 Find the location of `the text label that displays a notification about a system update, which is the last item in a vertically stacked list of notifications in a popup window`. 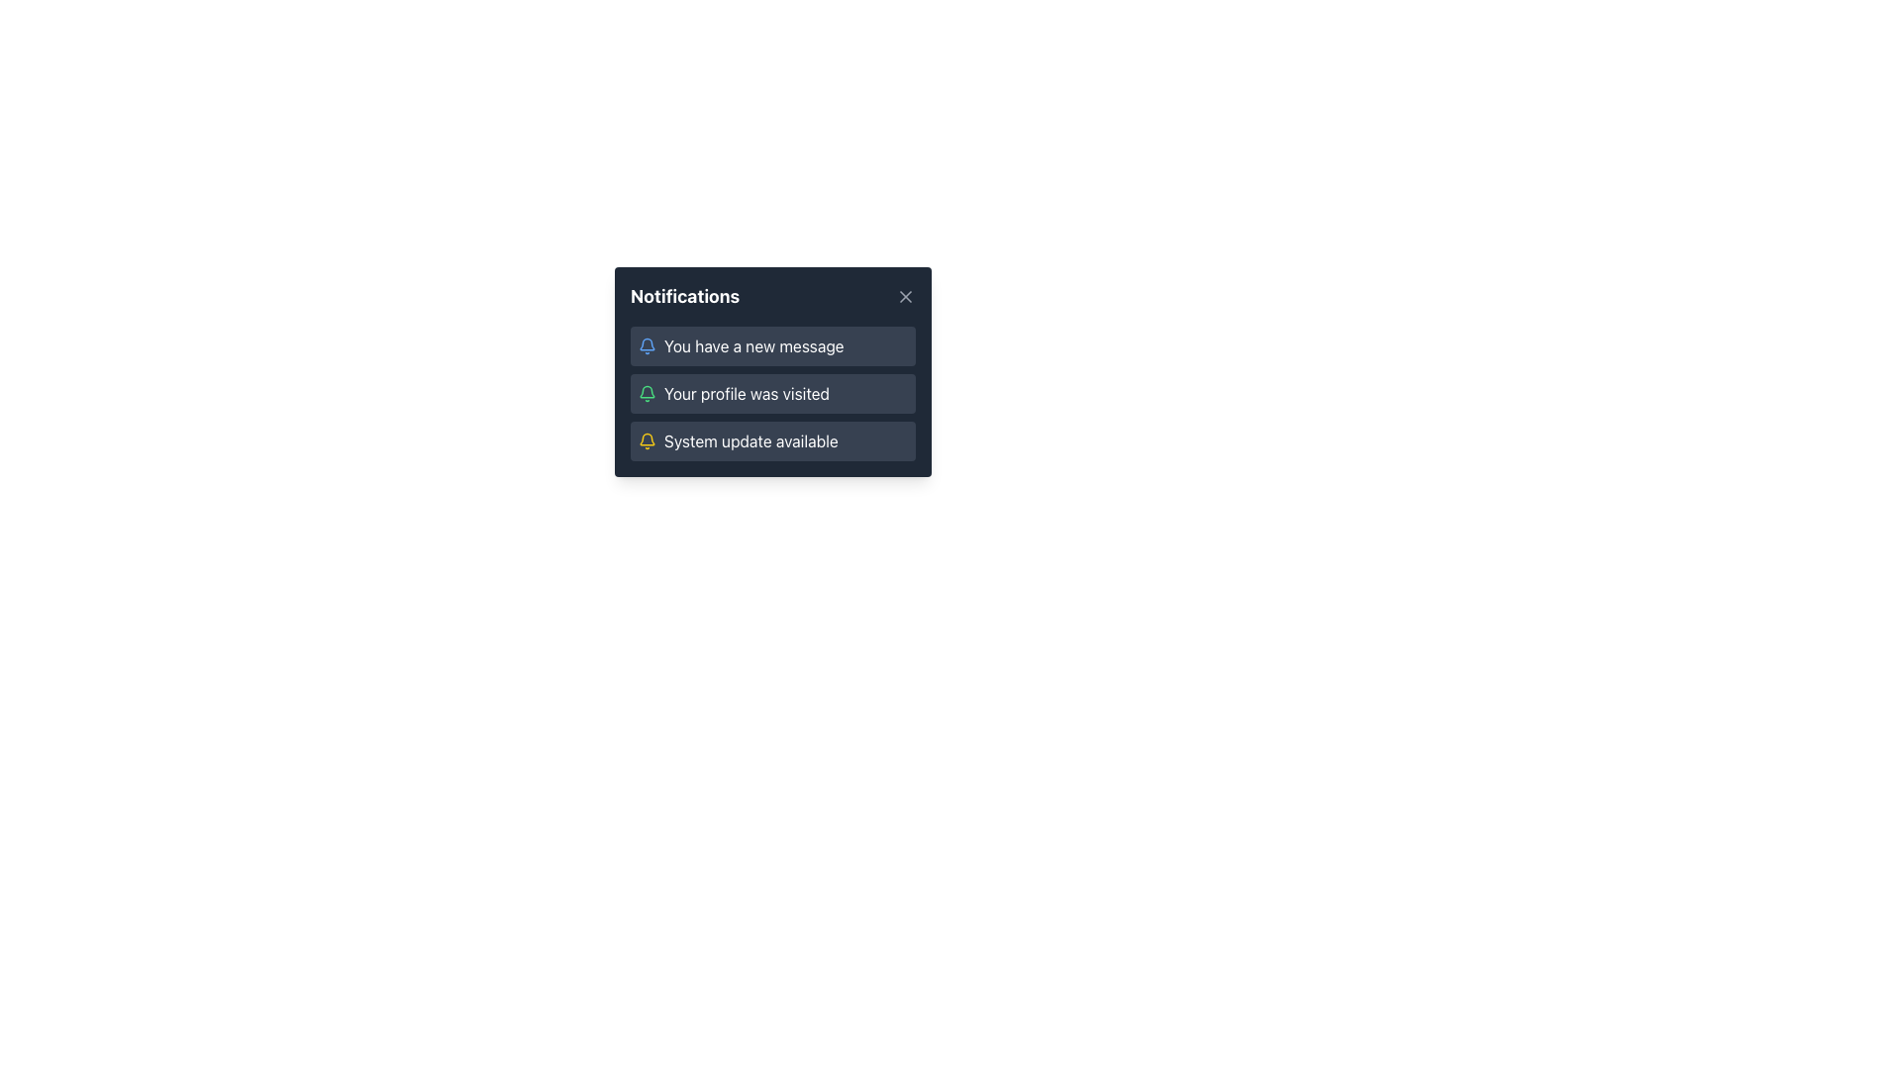

the text label that displays a notification about a system update, which is the last item in a vertically stacked list of notifications in a popup window is located at coordinates (750, 440).